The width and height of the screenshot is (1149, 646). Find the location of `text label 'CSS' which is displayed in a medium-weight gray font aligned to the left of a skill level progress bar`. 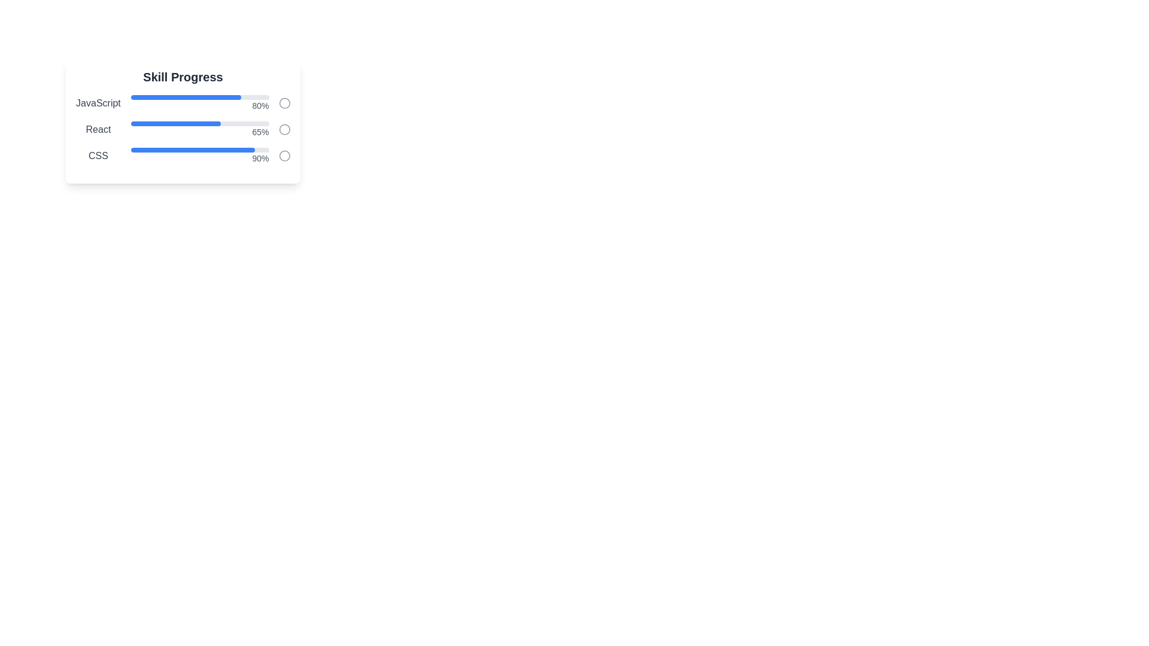

text label 'CSS' which is displayed in a medium-weight gray font aligned to the left of a skill level progress bar is located at coordinates (98, 156).